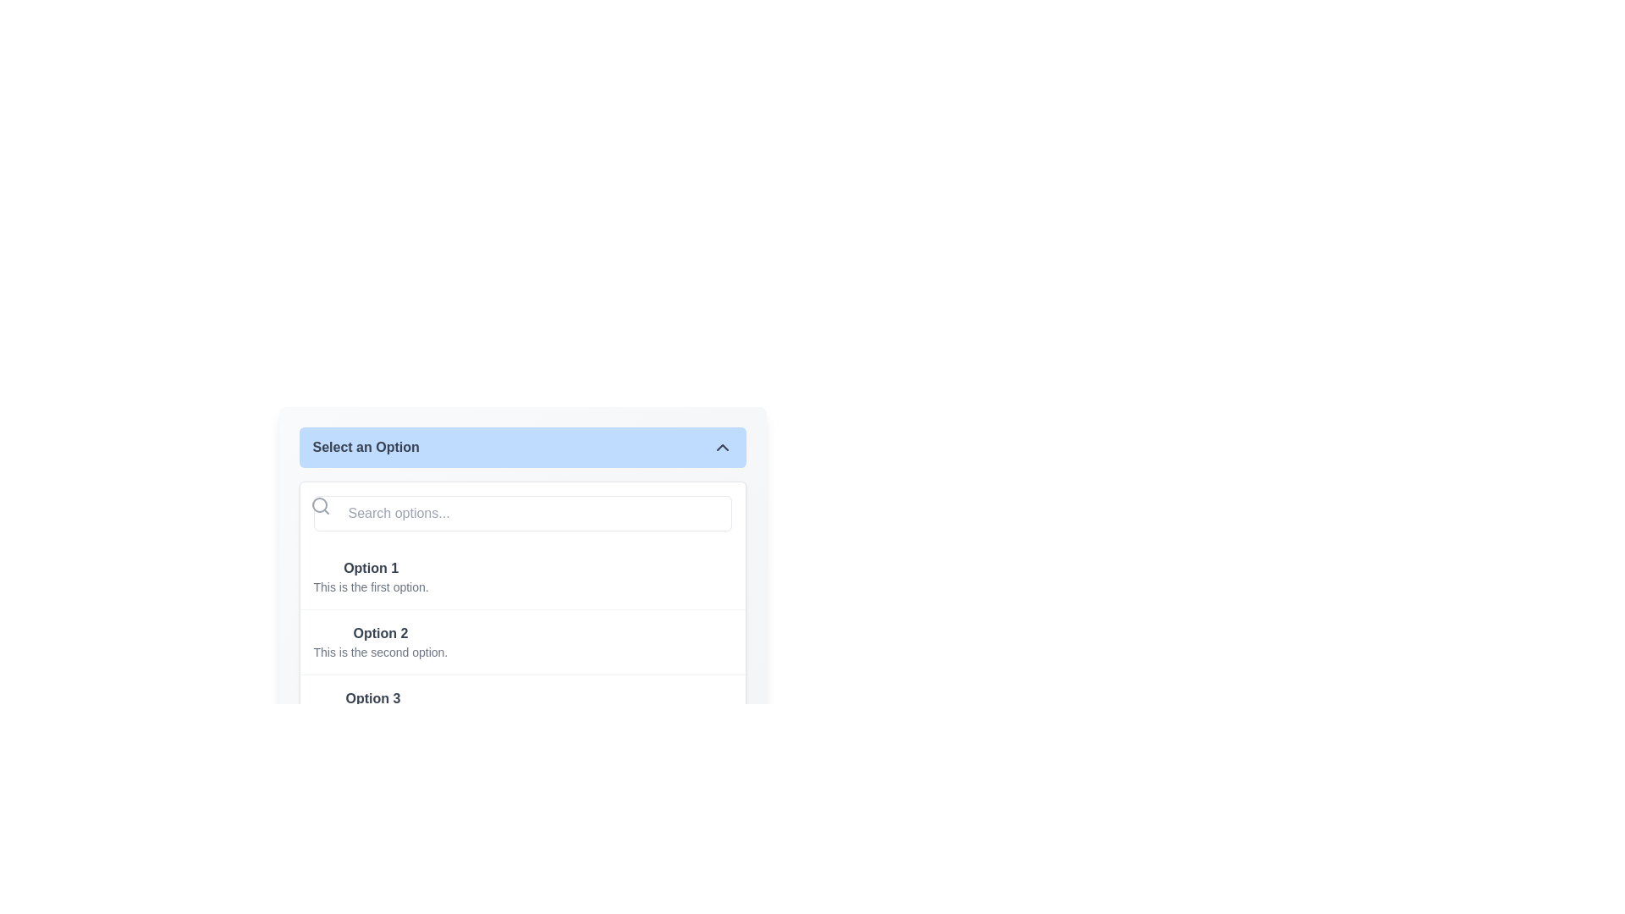  I want to click on the SVG Circle representing the lens of the search icon located in the top-left corner of the dropdown interface, so click(319, 504).